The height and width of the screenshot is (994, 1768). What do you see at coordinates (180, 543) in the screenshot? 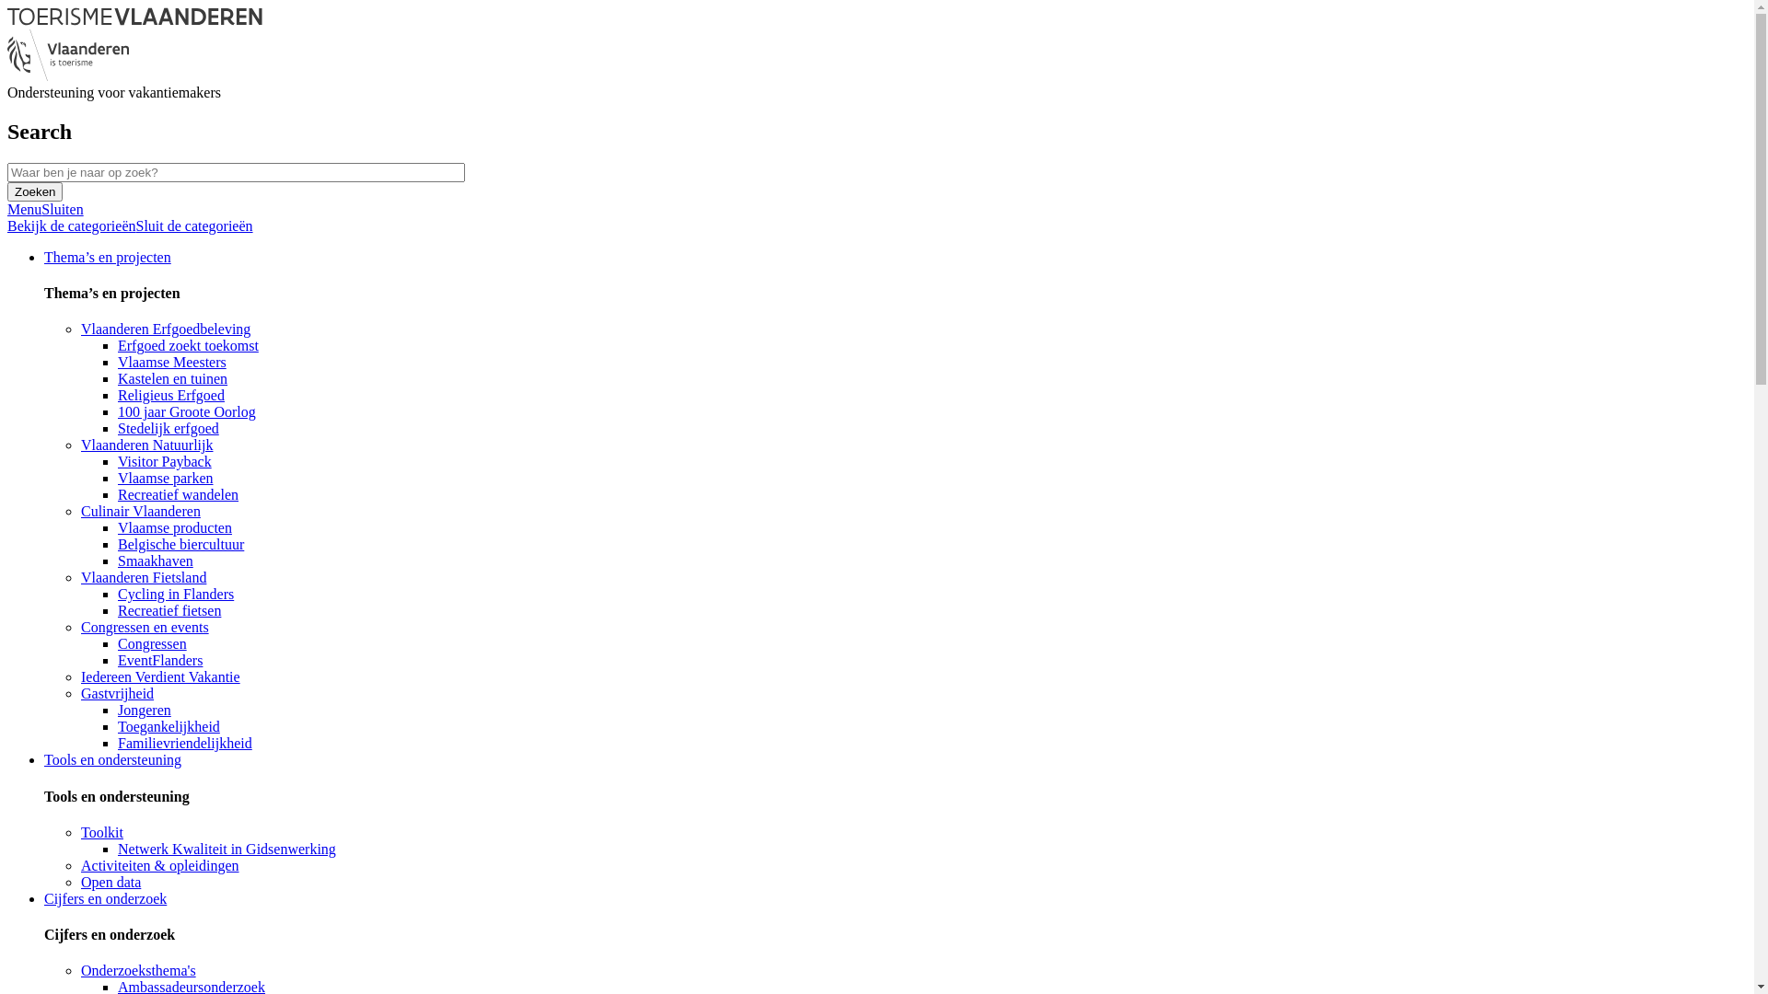
I see `'Belgische biercultuur'` at bounding box center [180, 543].